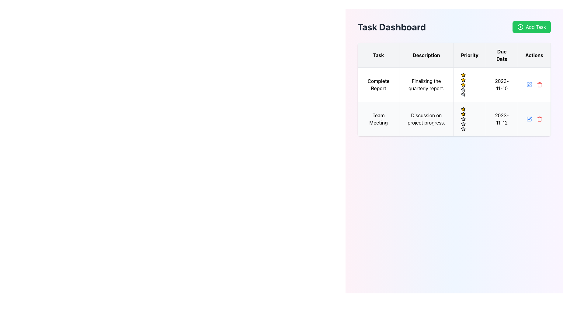  What do you see at coordinates (463, 94) in the screenshot?
I see `the sixth hollow star icon in the second row under the 'Priority' column` at bounding box center [463, 94].